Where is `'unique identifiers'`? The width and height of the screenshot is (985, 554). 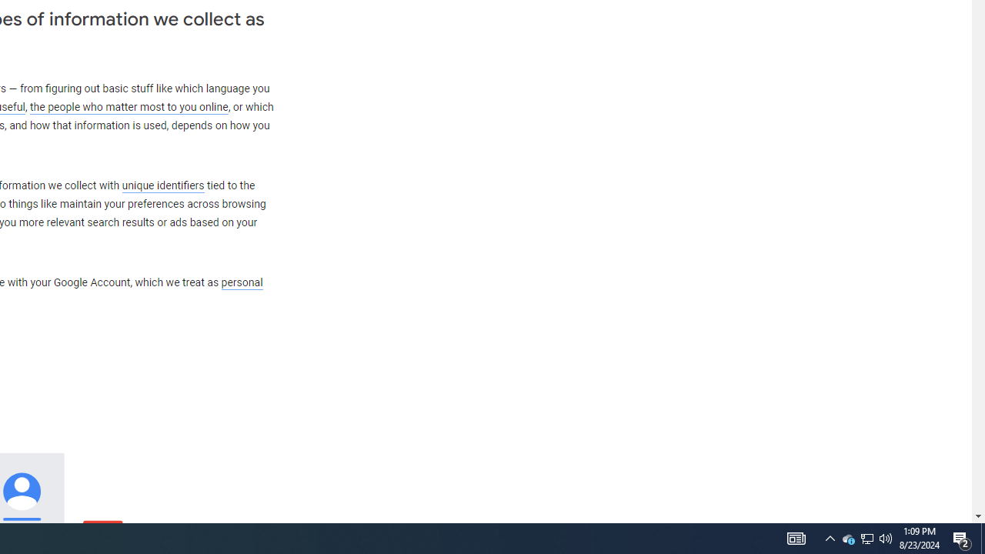 'unique identifiers' is located at coordinates (162, 185).